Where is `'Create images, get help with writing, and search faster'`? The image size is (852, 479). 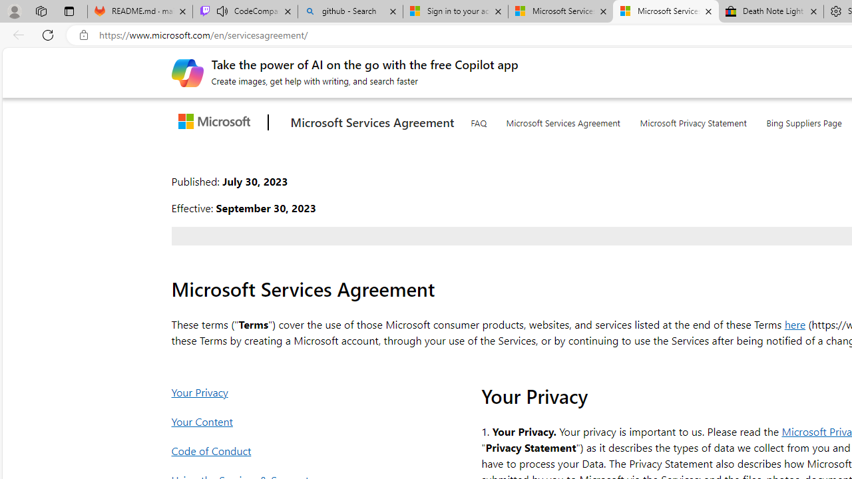
'Create images, get help with writing, and search faster' is located at coordinates (186, 73).